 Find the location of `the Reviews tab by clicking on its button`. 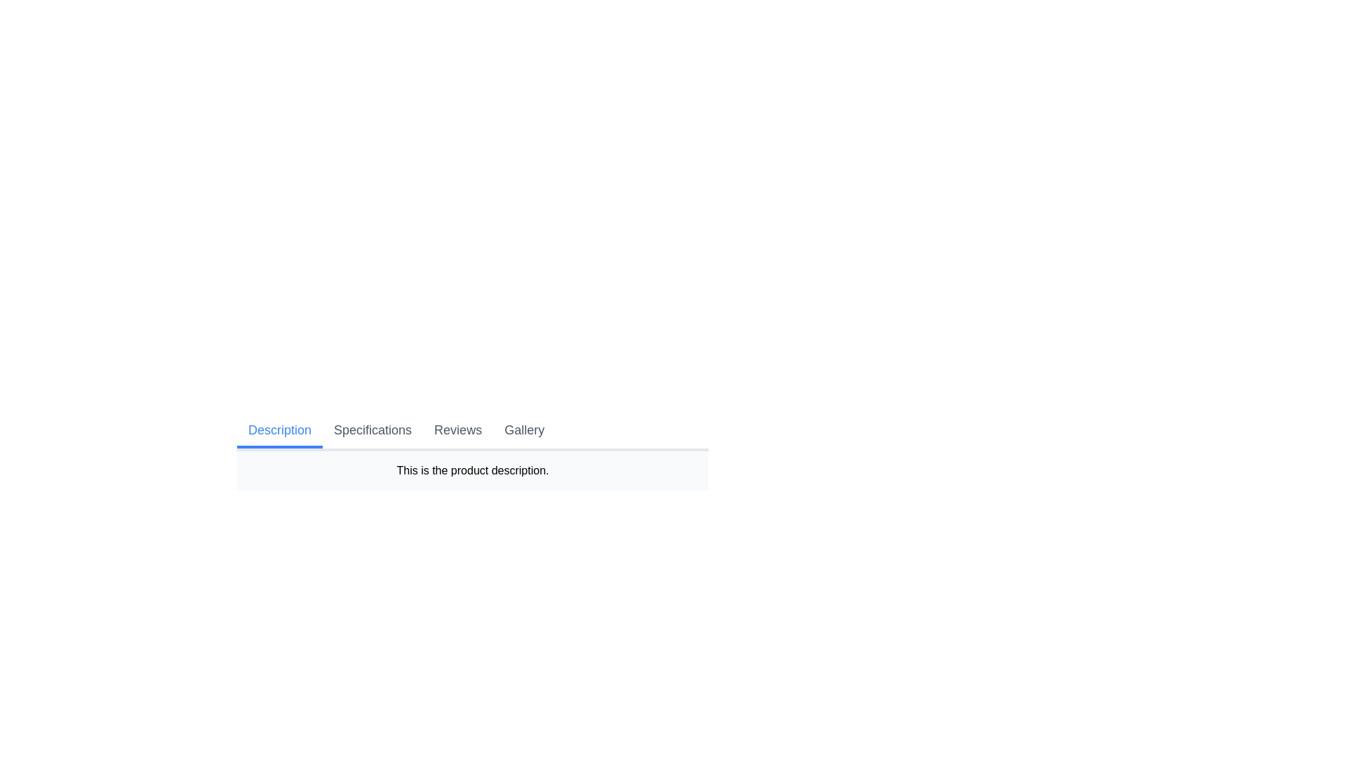

the Reviews tab by clicking on its button is located at coordinates (457, 430).